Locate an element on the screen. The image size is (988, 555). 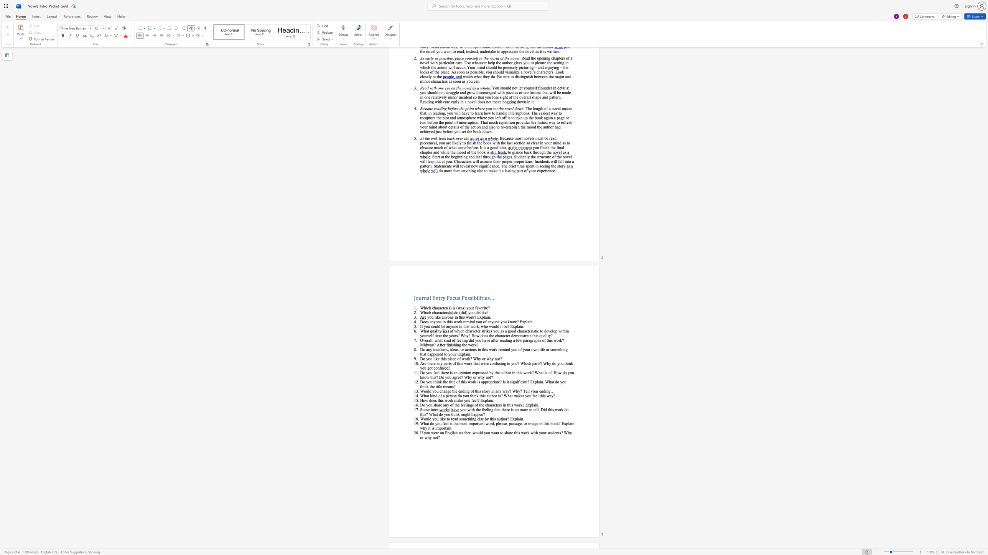
the subset text "r why no" within the text "Do you like this piece of work? Why or why not?" is located at coordinates (484, 359).